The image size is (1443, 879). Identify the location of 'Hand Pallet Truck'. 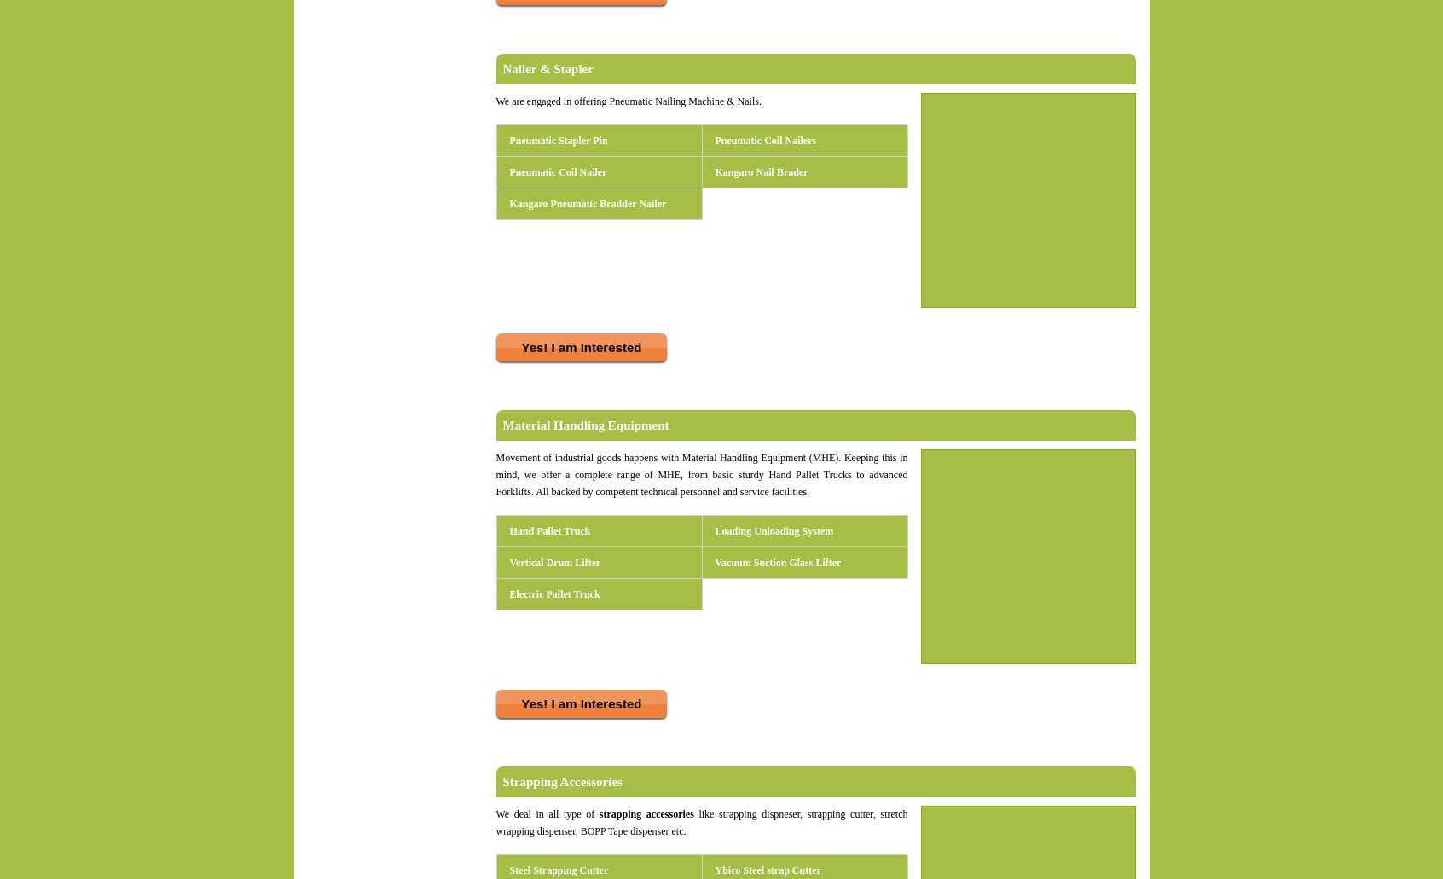
(549, 531).